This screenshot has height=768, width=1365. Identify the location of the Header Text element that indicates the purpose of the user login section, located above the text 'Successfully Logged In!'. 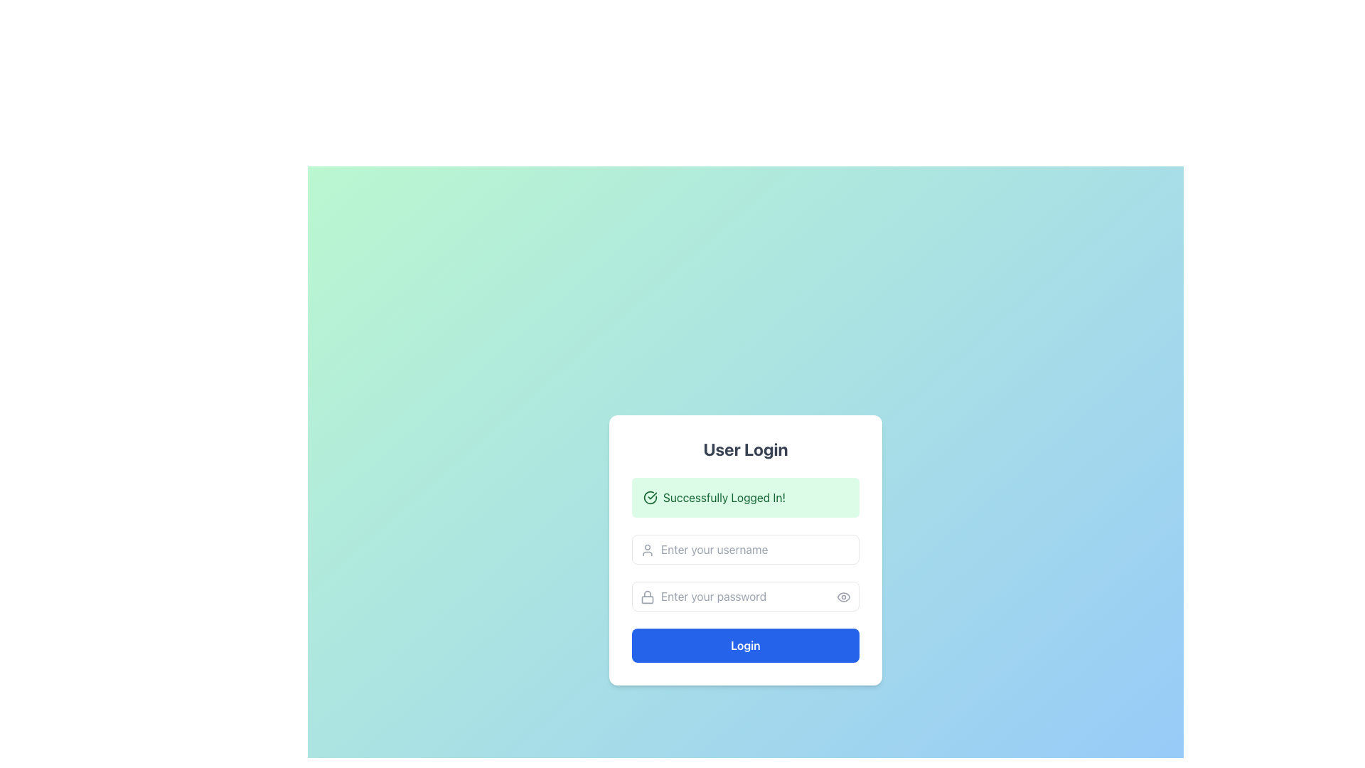
(745, 449).